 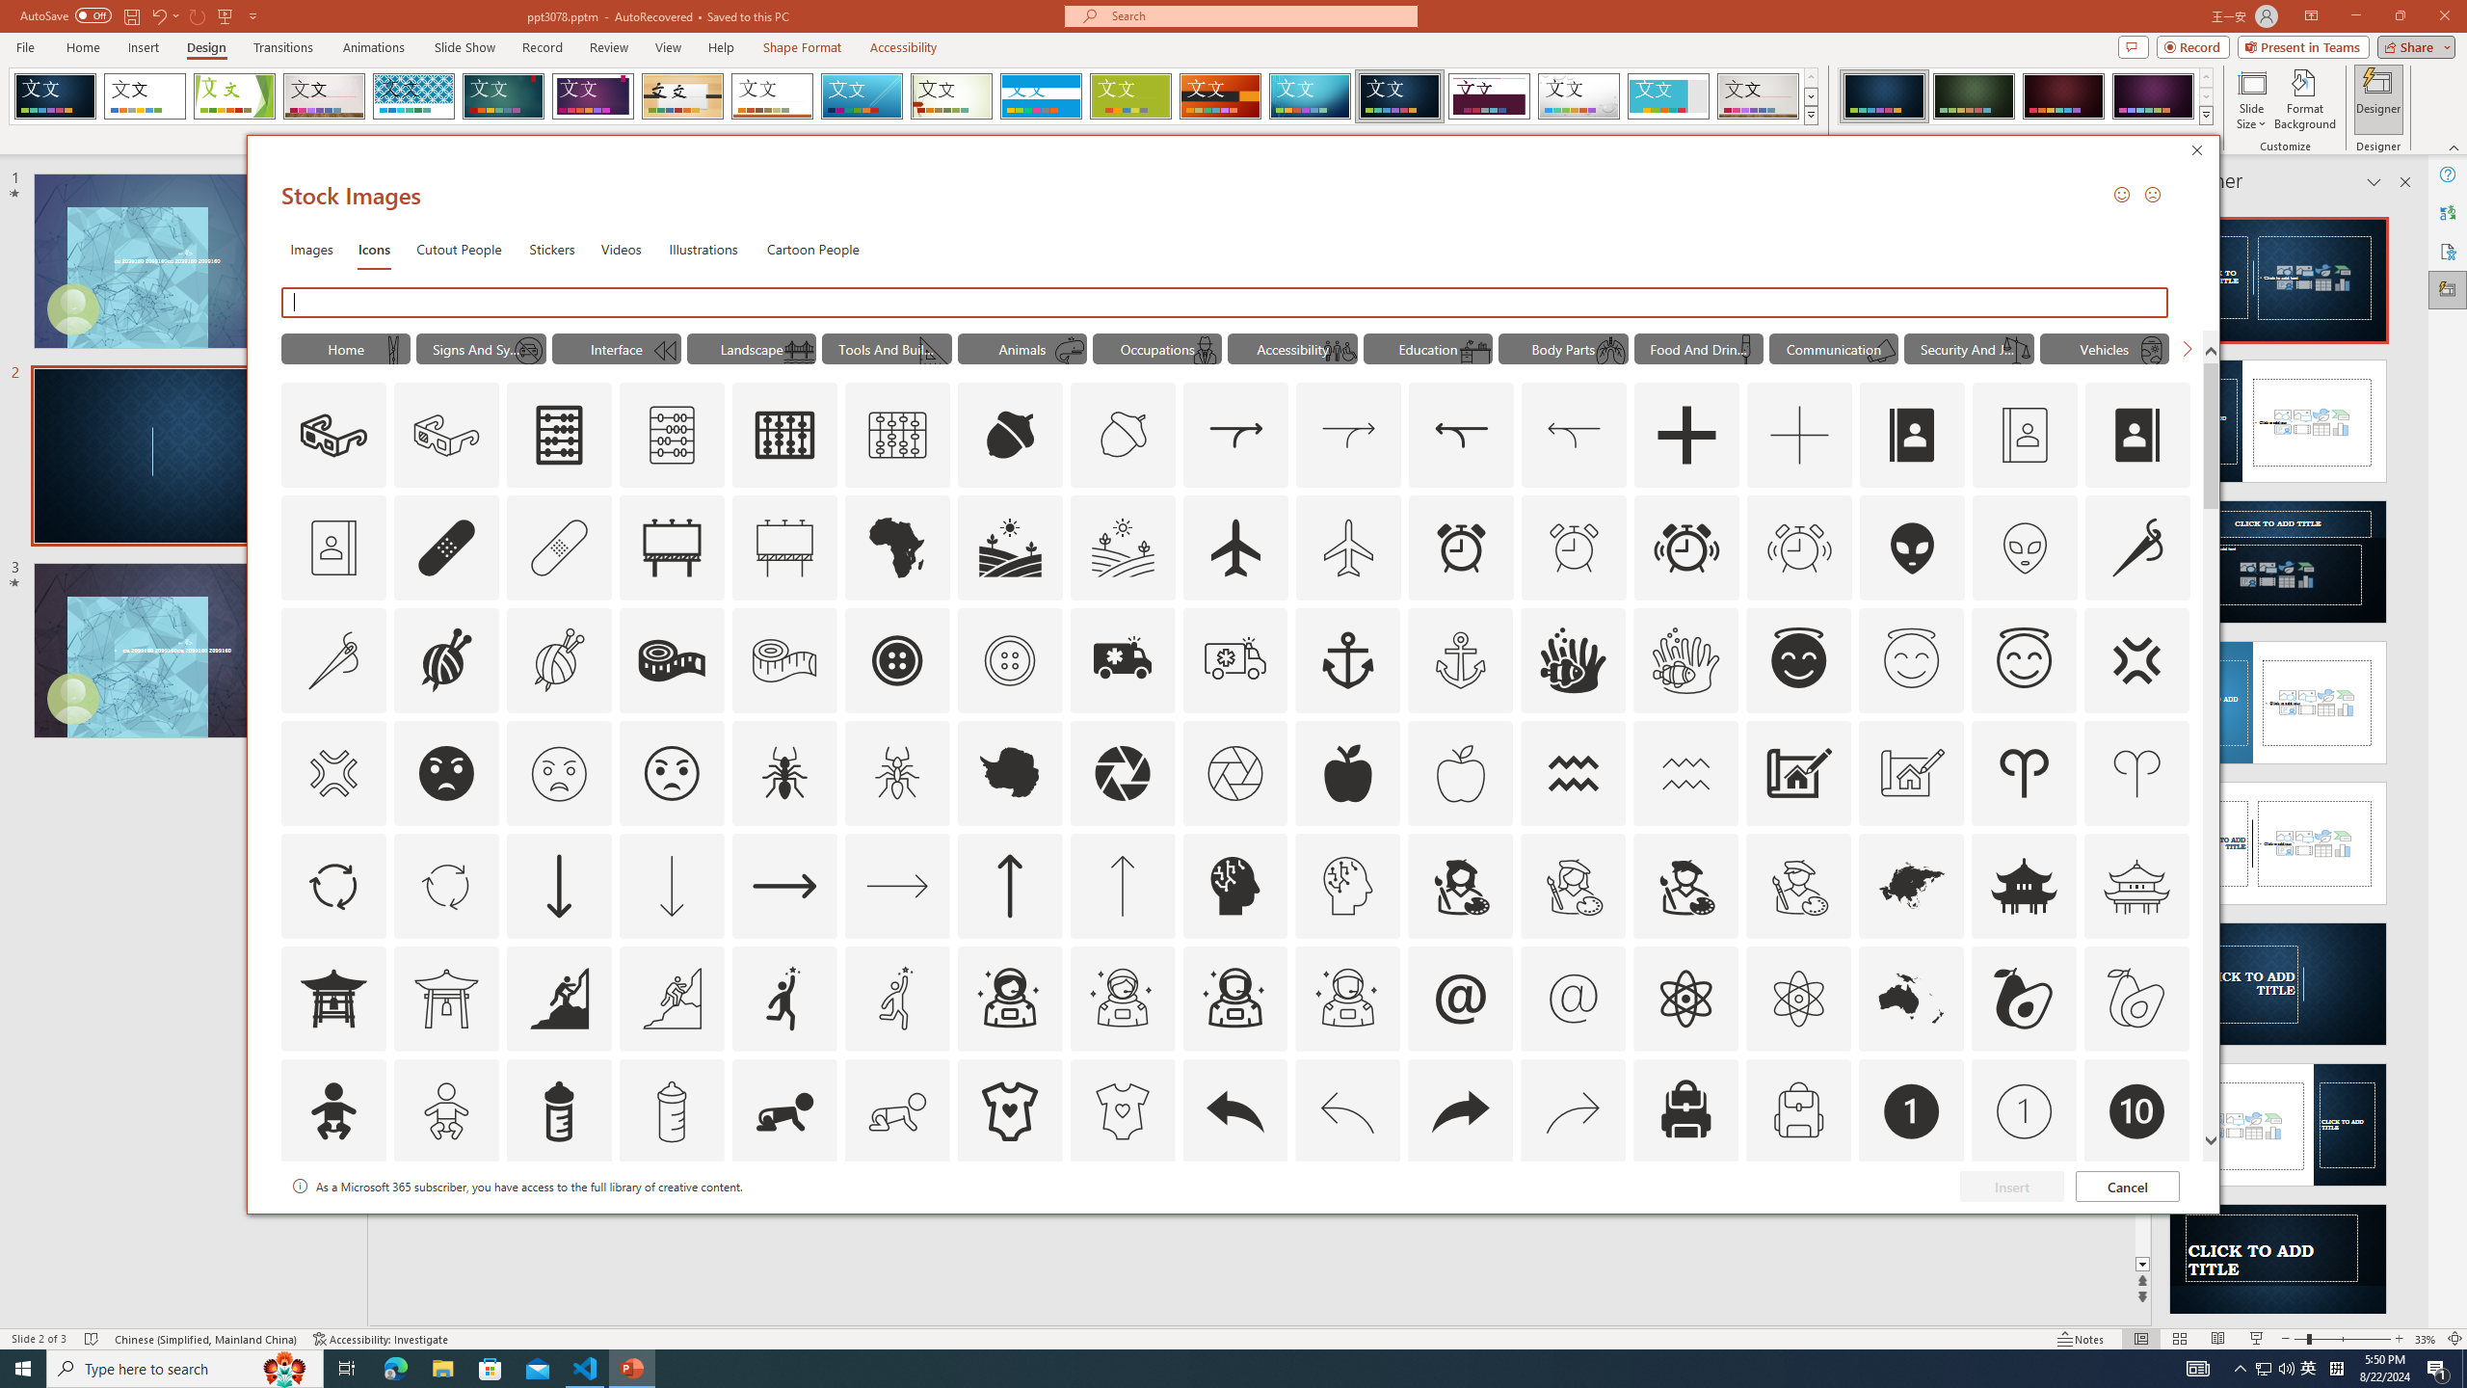 I want to click on 'AutomationID: Icons_Back_LTR_M', so click(x=1347, y=1110).